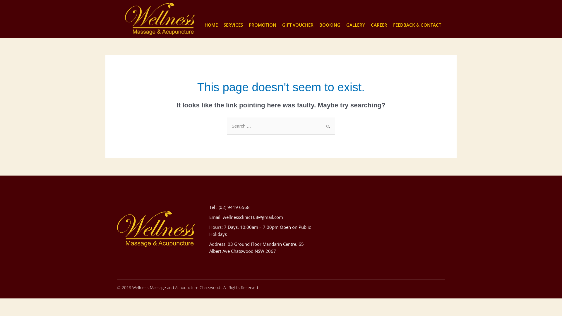 The height and width of the screenshot is (316, 562). Describe the element at coordinates (417, 24) in the screenshot. I see `'FEEDBACK & CONTACT'` at that location.